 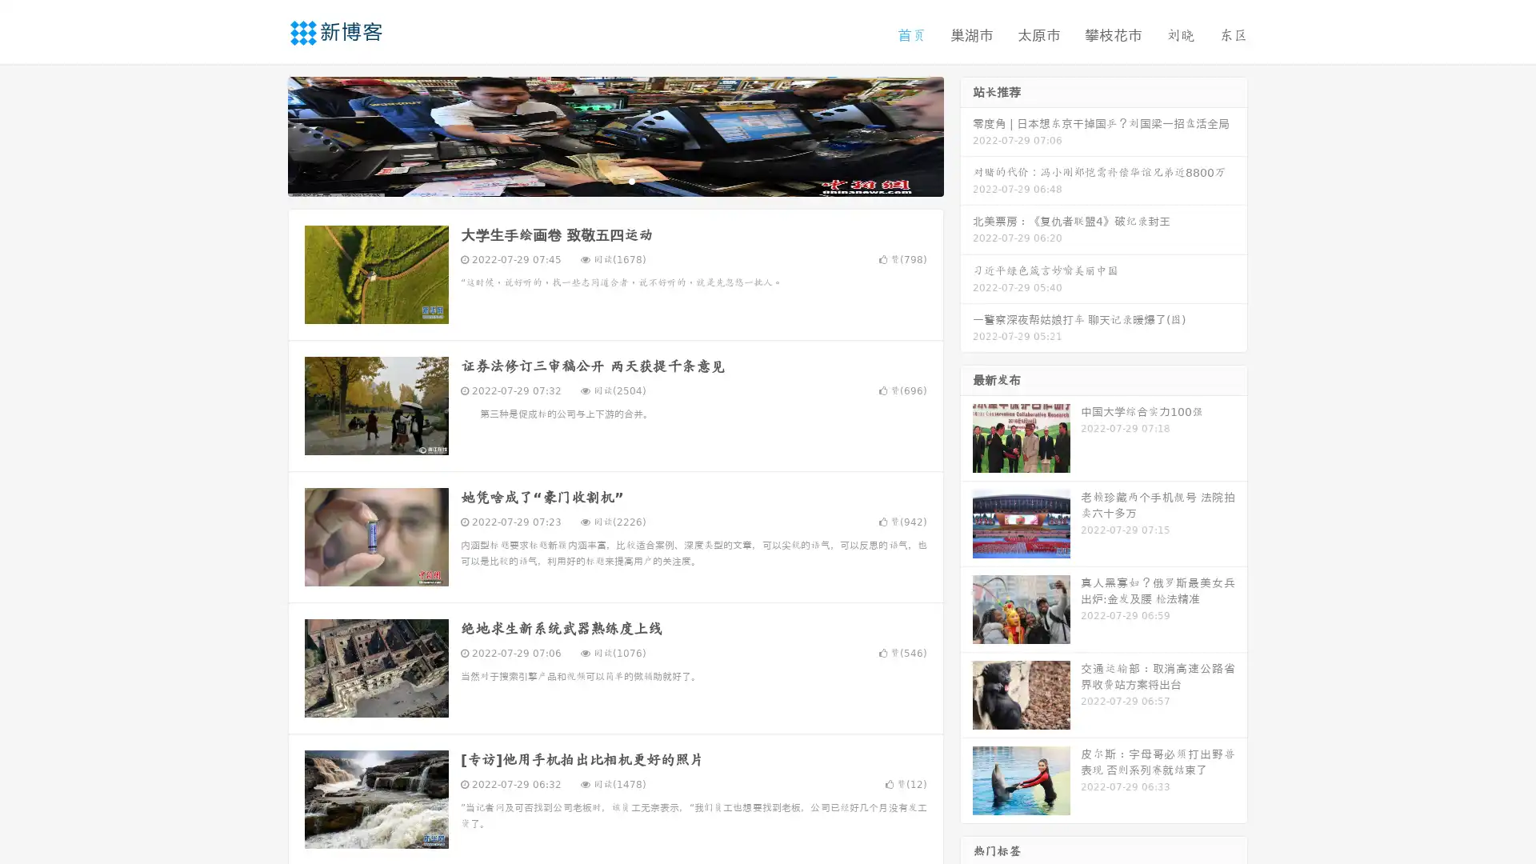 What do you see at coordinates (631, 180) in the screenshot?
I see `Go to slide 3` at bounding box center [631, 180].